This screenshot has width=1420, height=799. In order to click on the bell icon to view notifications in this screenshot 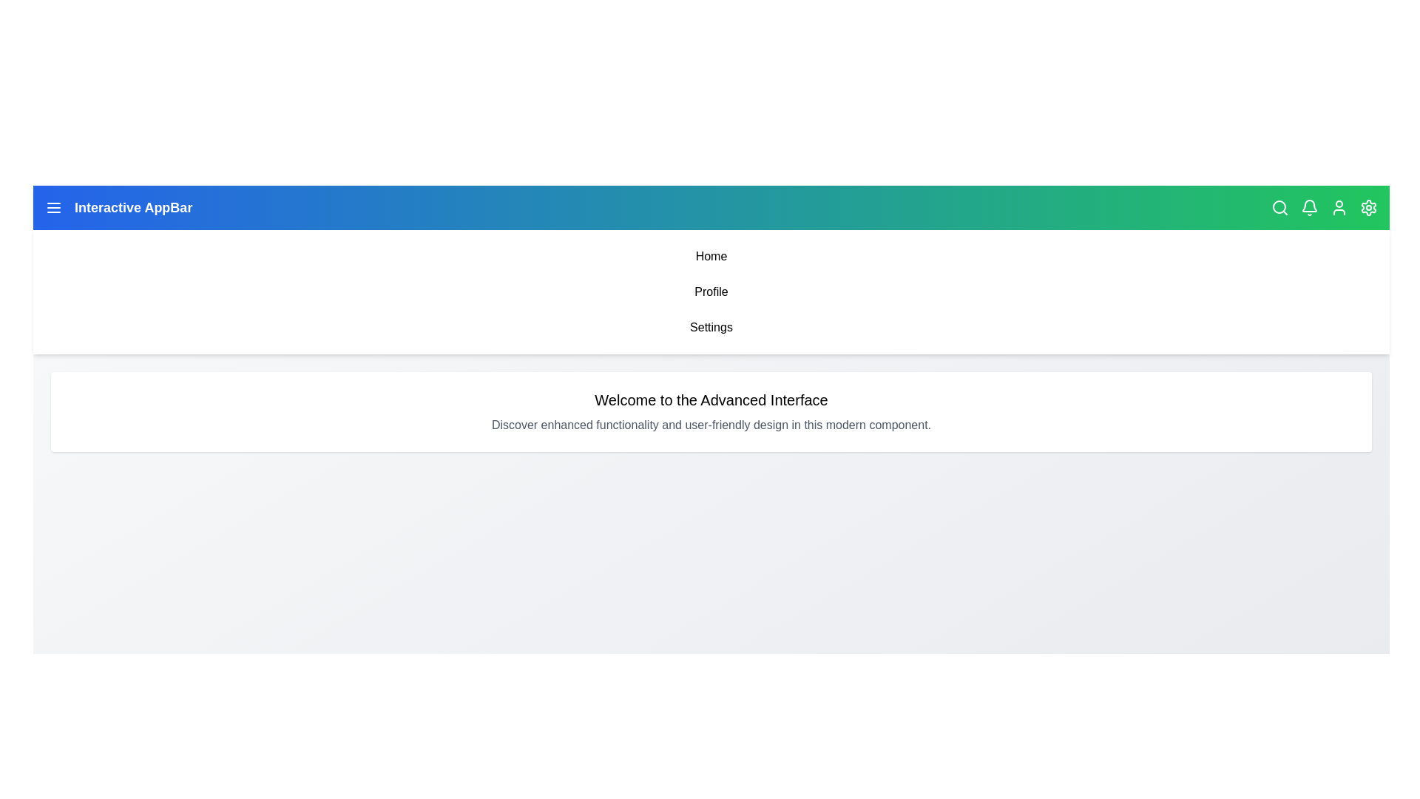, I will do `click(1310, 208)`.